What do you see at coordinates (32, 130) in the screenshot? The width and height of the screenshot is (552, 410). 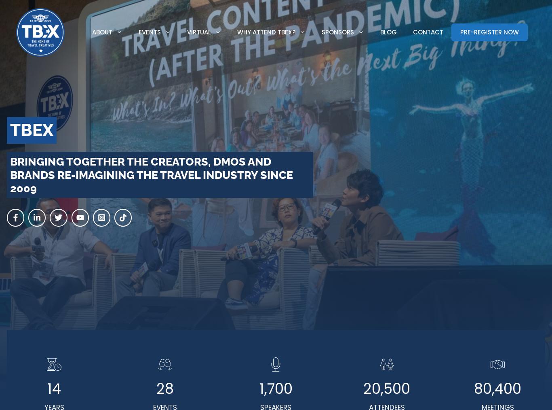 I see `'TBEX'` at bounding box center [32, 130].